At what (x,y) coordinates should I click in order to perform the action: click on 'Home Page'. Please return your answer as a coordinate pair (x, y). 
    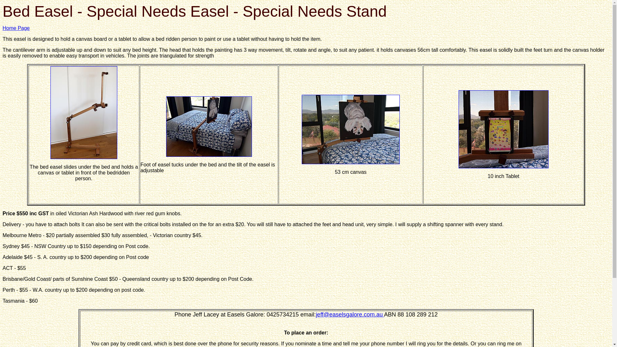
    Looking at the image, I should click on (3, 28).